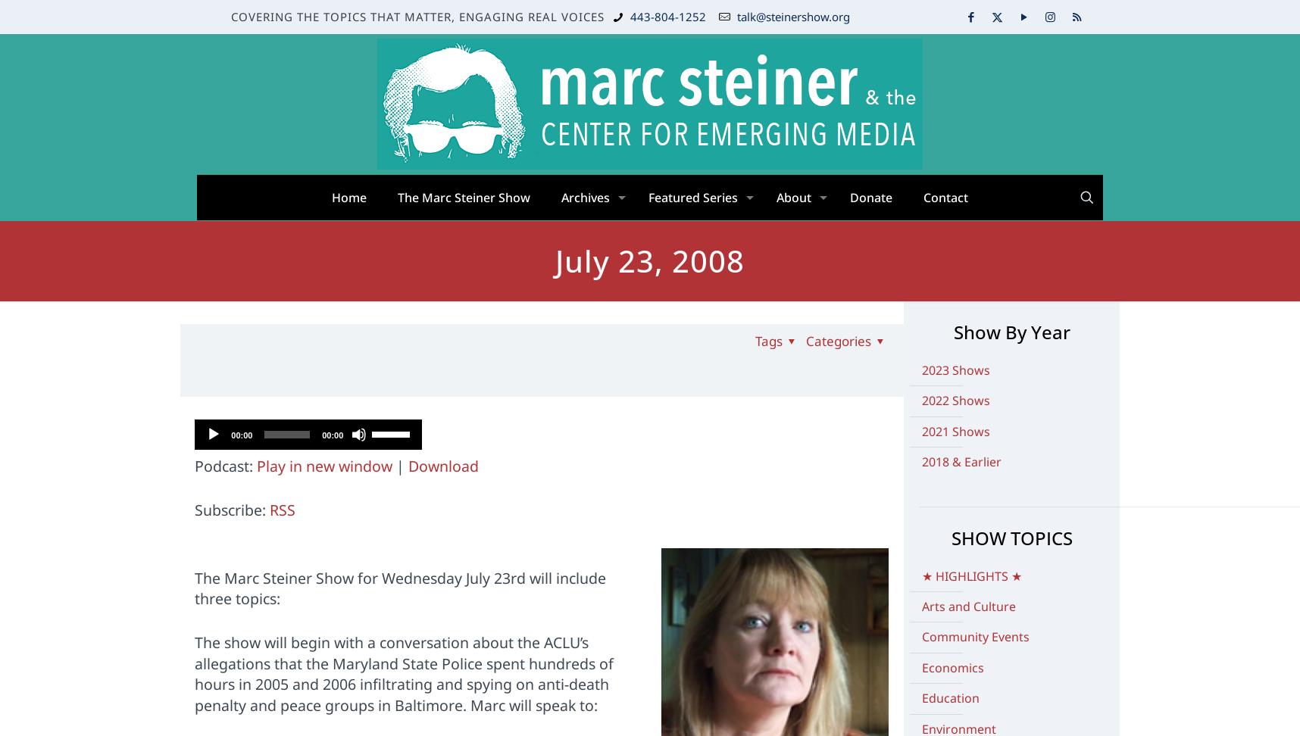 The height and width of the screenshot is (736, 1300). What do you see at coordinates (955, 400) in the screenshot?
I see `'2022 Shows'` at bounding box center [955, 400].